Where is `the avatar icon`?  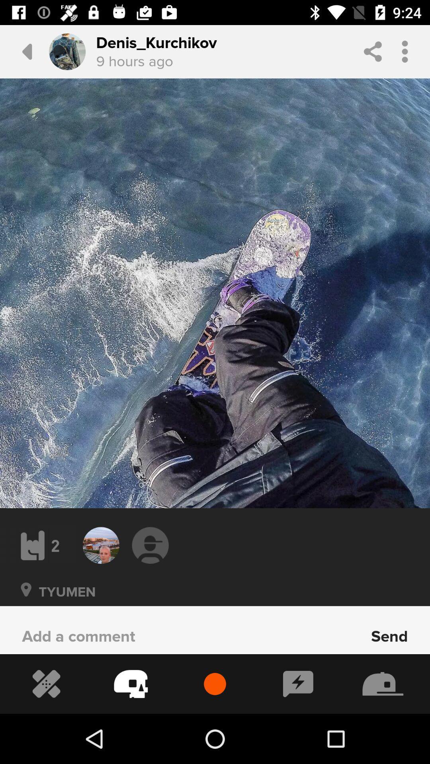
the avatar icon is located at coordinates (67, 51).